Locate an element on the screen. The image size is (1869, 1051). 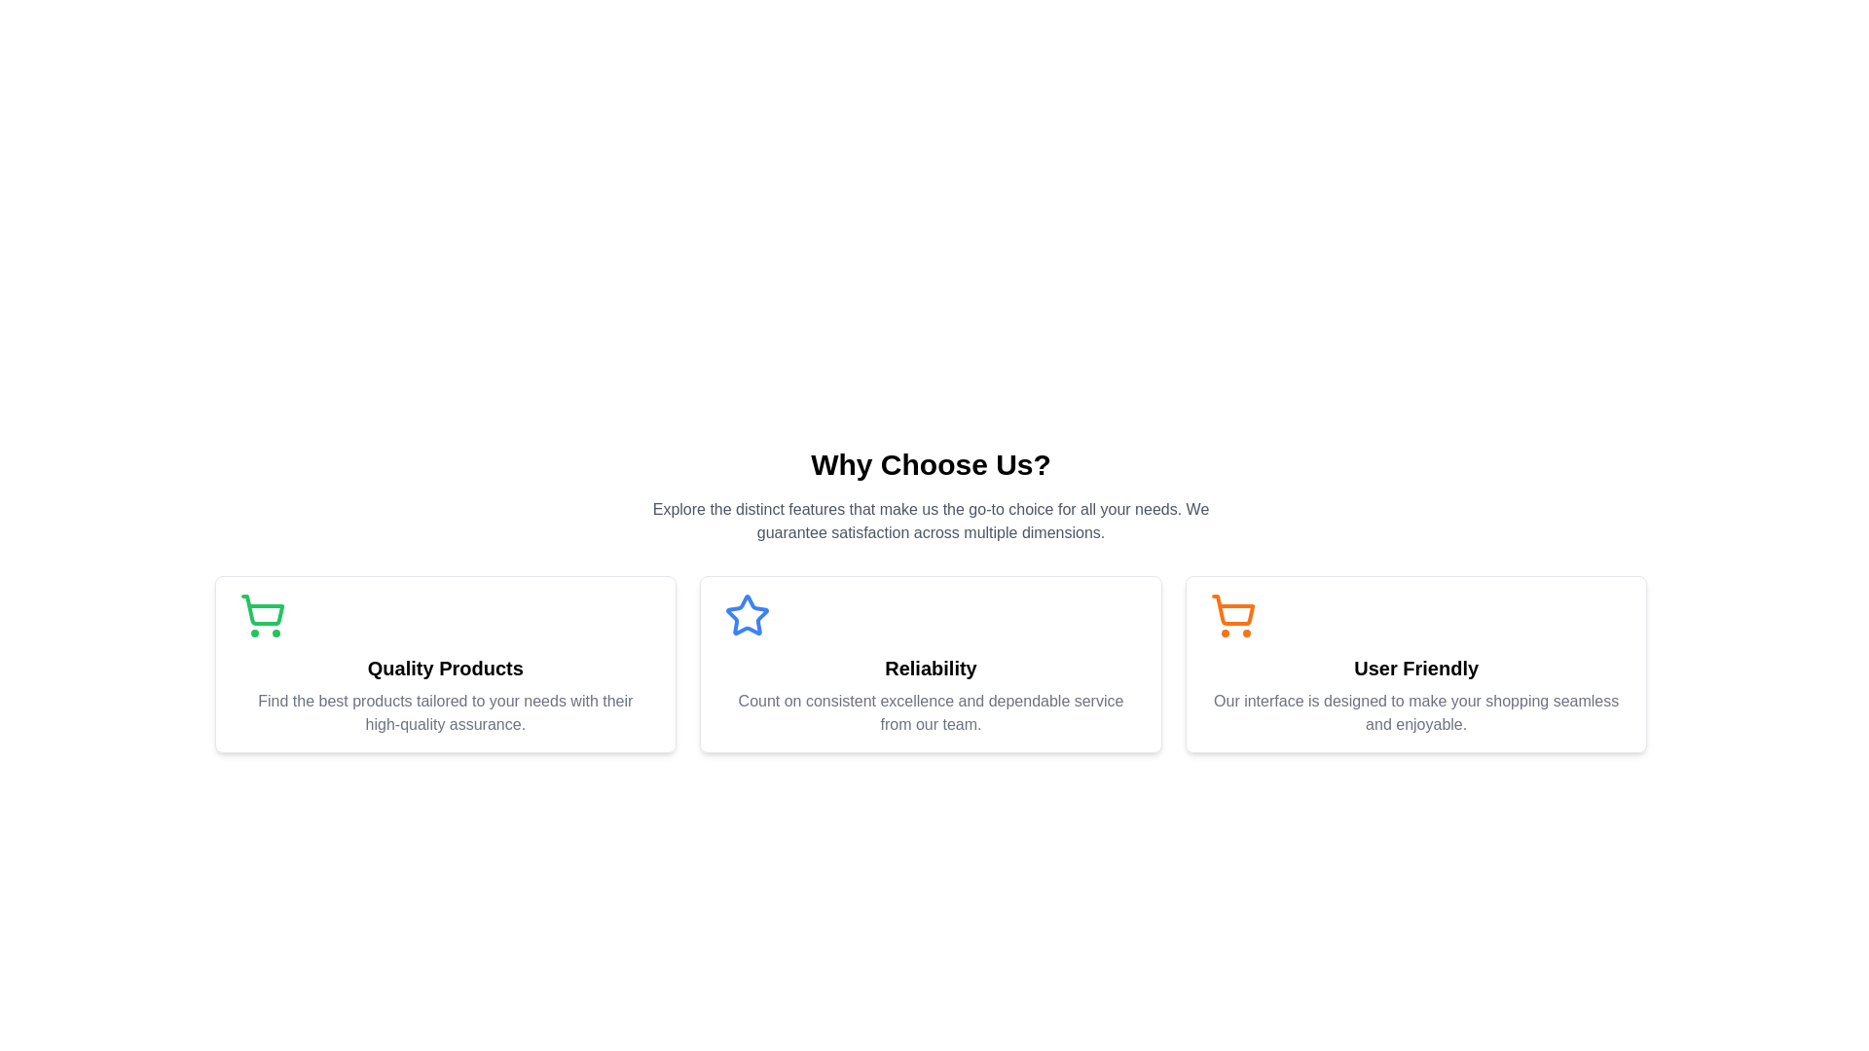
the first Informational Card titled 'Quality Products' which contains a green shopping cart icon and a description in gray font is located at coordinates (444, 663).